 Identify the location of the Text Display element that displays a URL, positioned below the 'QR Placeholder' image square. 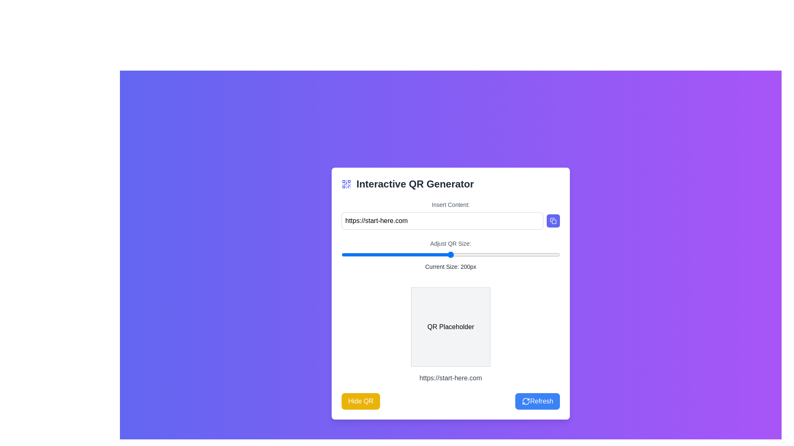
(450, 378).